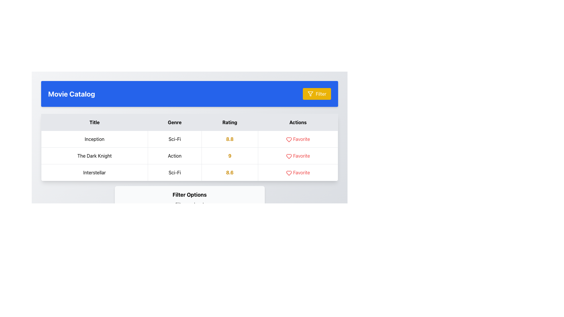 This screenshot has width=564, height=317. Describe the element at coordinates (298, 122) in the screenshot. I see `the fourth column header in the table that indicates the type of actions available for the entries in this column` at that location.